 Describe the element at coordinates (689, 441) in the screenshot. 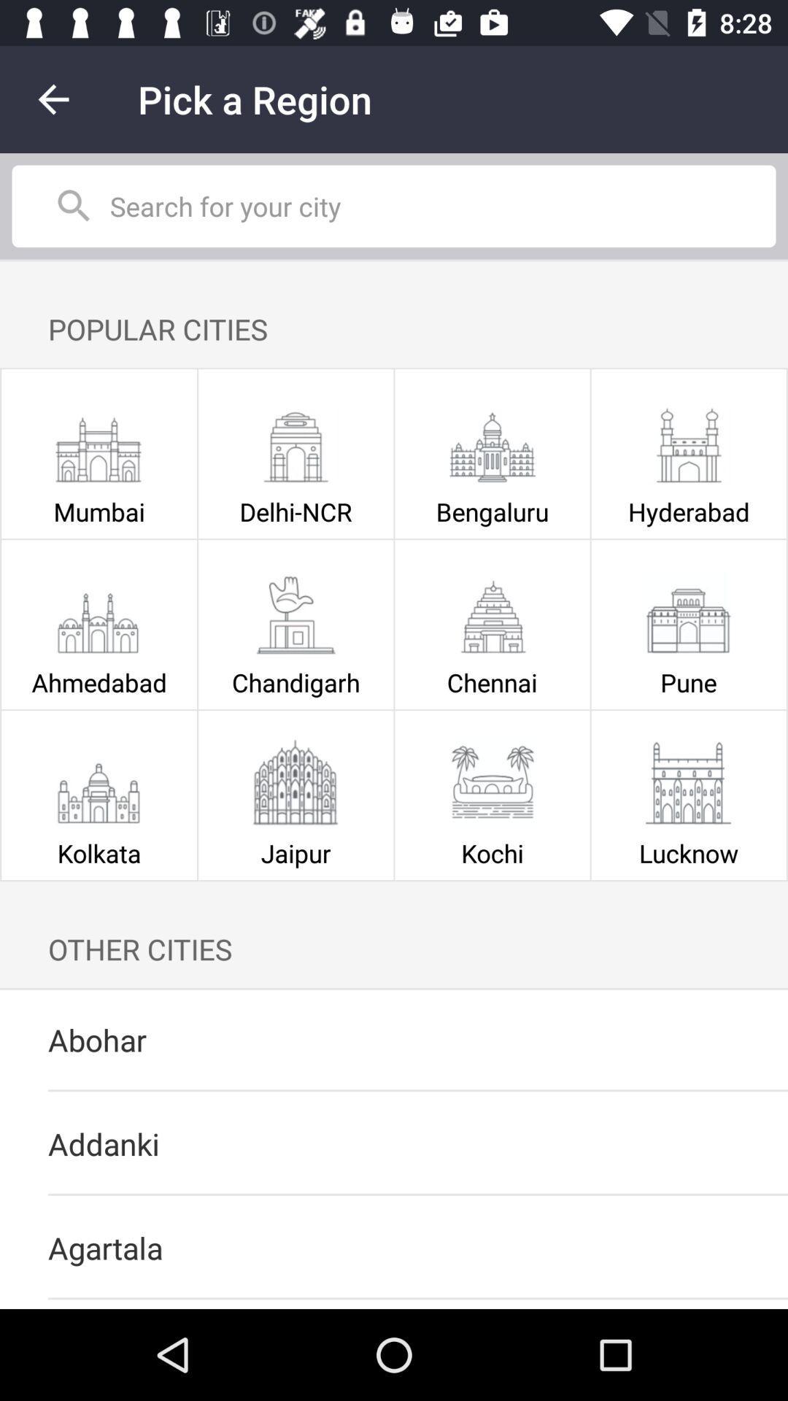

I see `the icon right to bengaluru` at that location.